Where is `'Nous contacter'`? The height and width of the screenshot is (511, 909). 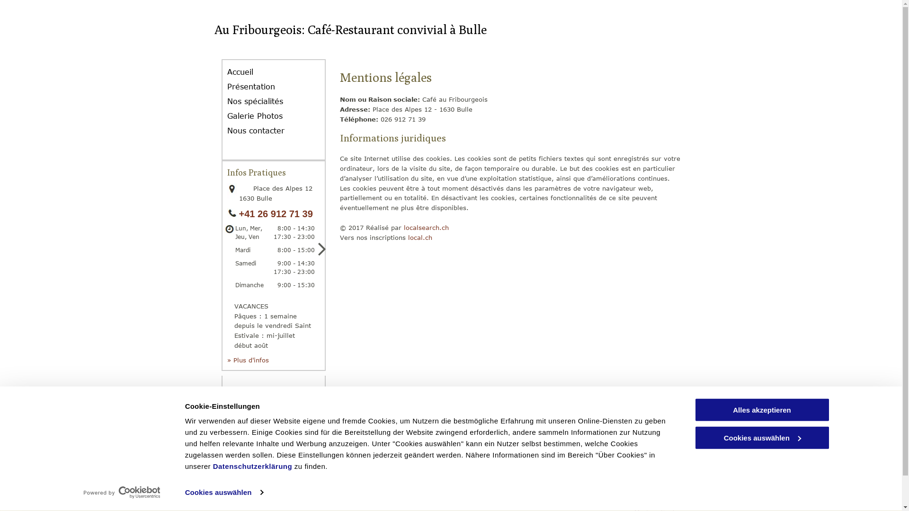
'Nous contacter' is located at coordinates (263, 131).